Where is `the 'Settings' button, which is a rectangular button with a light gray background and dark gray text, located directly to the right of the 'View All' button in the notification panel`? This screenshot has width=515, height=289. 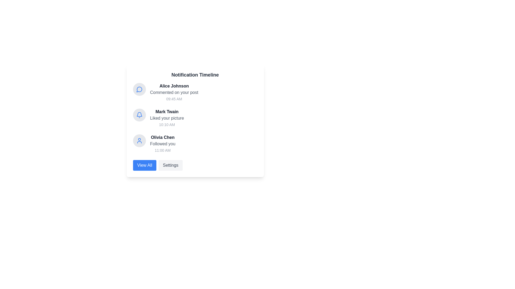
the 'Settings' button, which is a rectangular button with a light gray background and dark gray text, located directly to the right of the 'View All' button in the notification panel is located at coordinates (170, 165).